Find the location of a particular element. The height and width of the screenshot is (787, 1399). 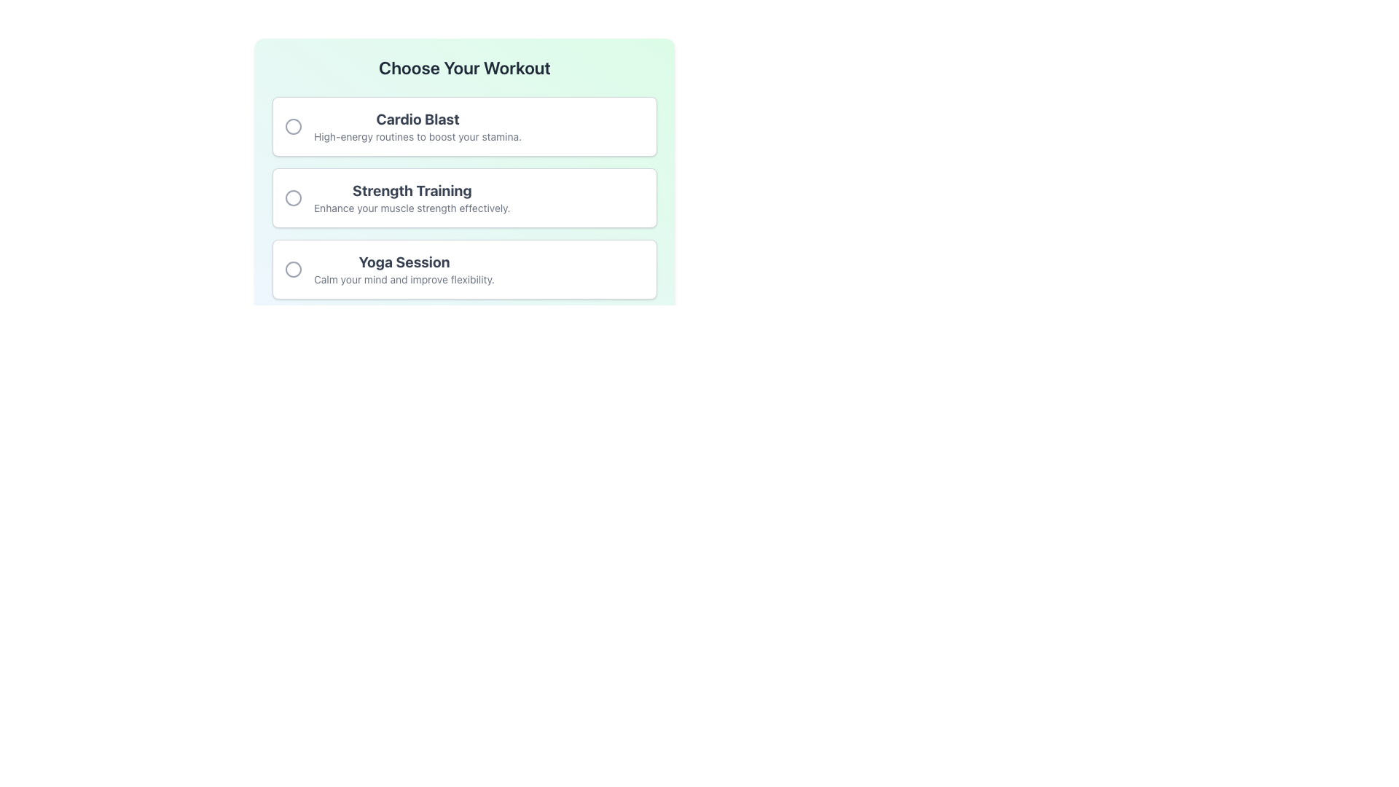

the Circular Indicator located at the top-left corner of the 'Cardio Blast' card is located at coordinates (293, 125).